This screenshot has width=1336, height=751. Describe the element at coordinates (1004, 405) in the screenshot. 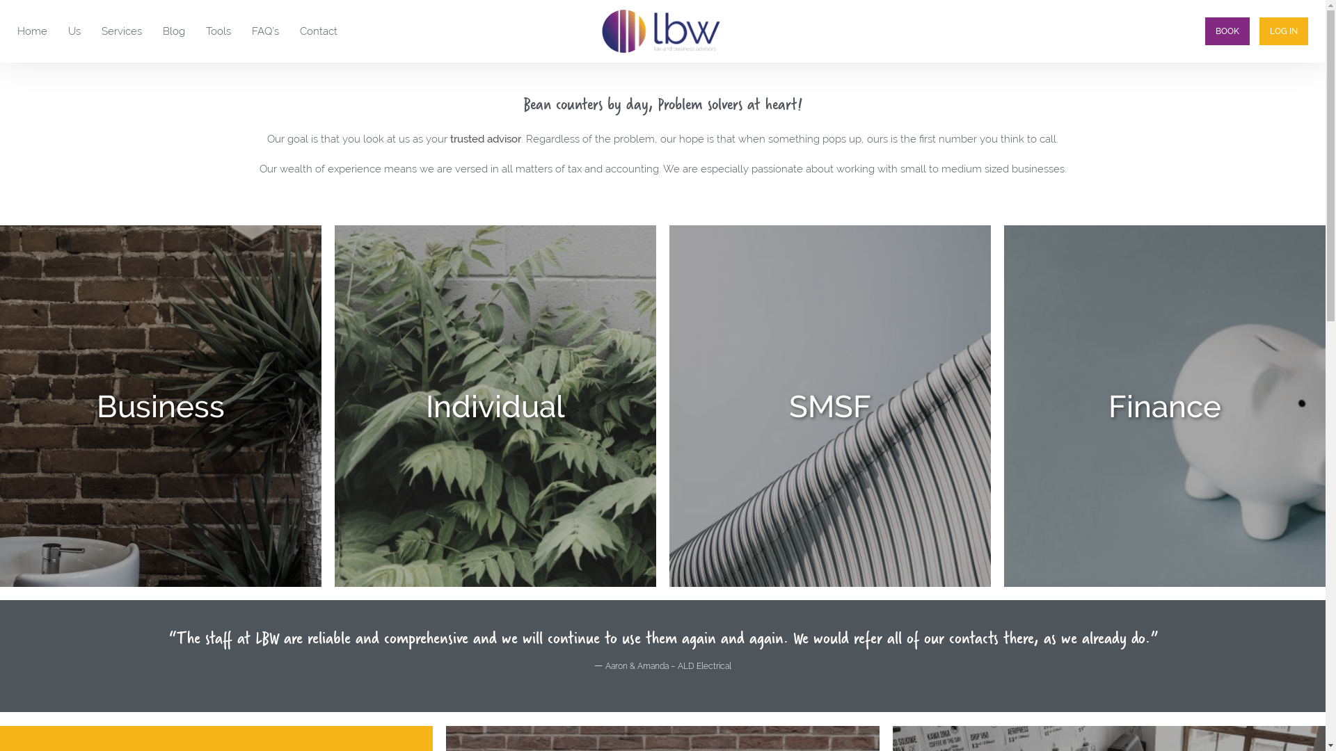

I see `'Finance'` at that location.